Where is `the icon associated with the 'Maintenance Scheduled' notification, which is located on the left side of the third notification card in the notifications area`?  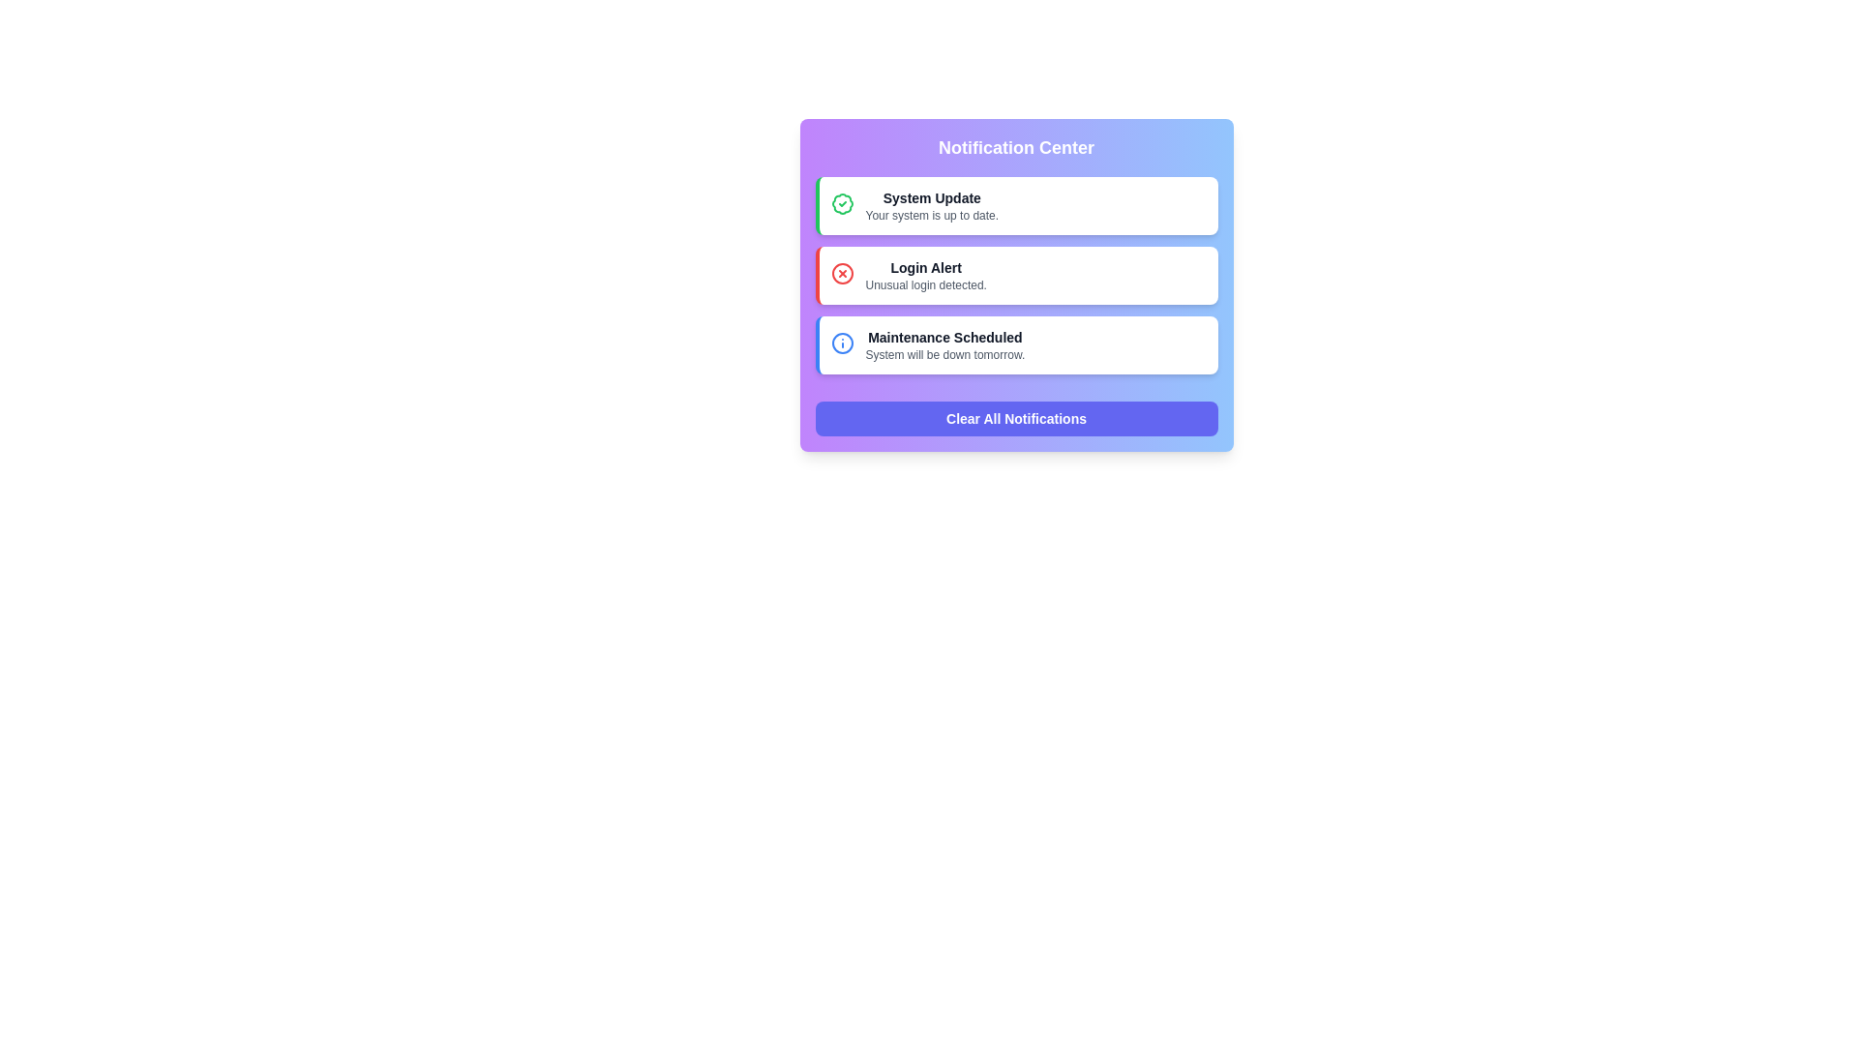
the icon associated with the 'Maintenance Scheduled' notification, which is located on the left side of the third notification card in the notifications area is located at coordinates (842, 342).